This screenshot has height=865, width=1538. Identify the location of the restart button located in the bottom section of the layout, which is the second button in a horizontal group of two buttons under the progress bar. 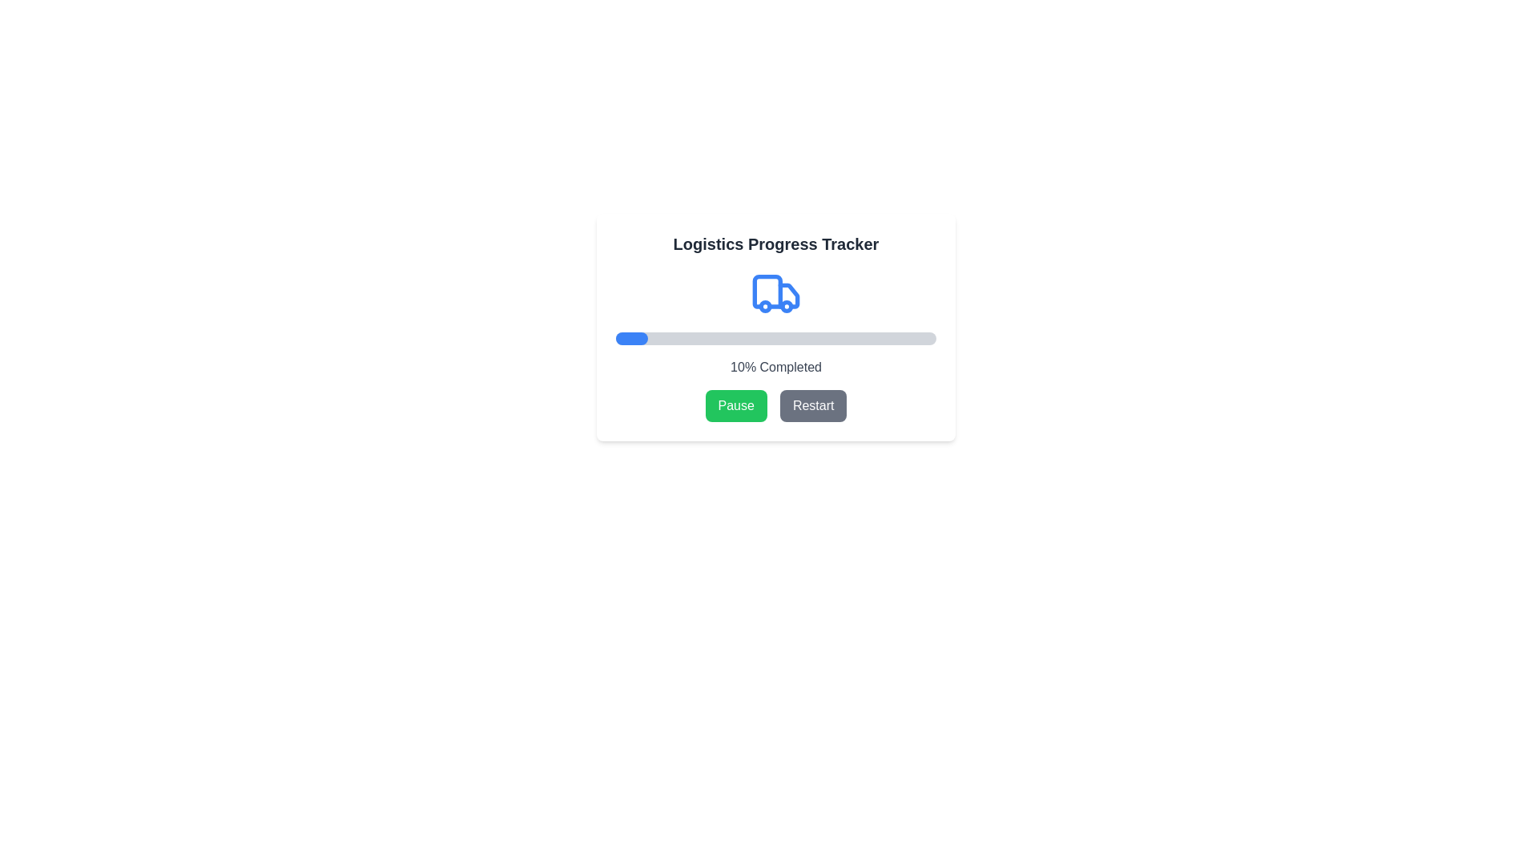
(813, 404).